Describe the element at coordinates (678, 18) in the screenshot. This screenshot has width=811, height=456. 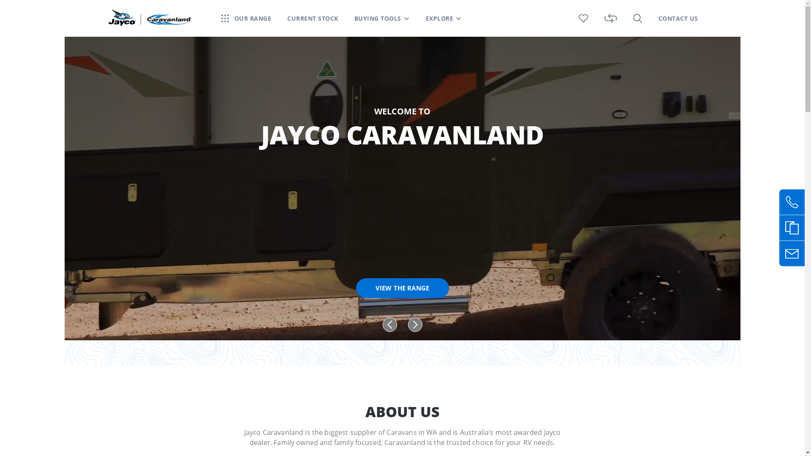
I see `'CONTACT US'` at that location.